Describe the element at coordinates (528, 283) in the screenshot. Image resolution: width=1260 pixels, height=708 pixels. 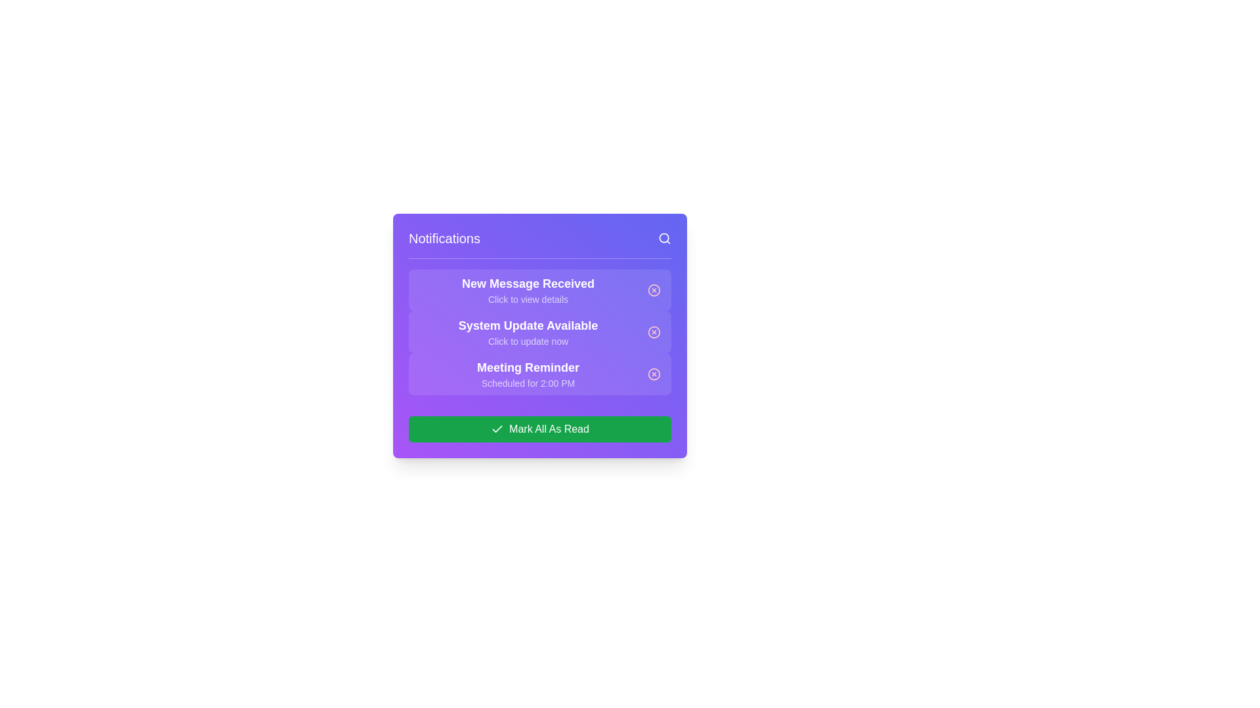
I see `the 'New Message Received' text label which is prominently displayed in bold, large font against a purple background, located in the notifications list under the 'Notifications' heading` at that location.